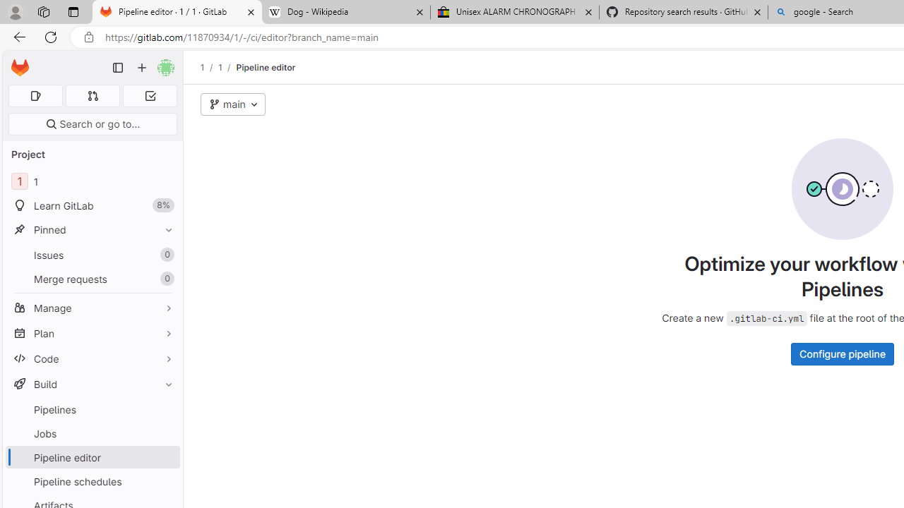 The width and height of the screenshot is (904, 508). What do you see at coordinates (92, 181) in the screenshot?
I see `'11'` at bounding box center [92, 181].